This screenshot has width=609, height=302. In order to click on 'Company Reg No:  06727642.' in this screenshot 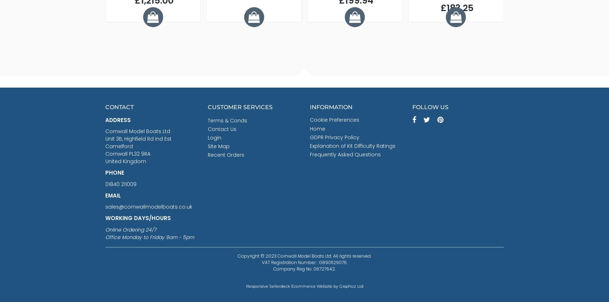, I will do `click(304, 268)`.